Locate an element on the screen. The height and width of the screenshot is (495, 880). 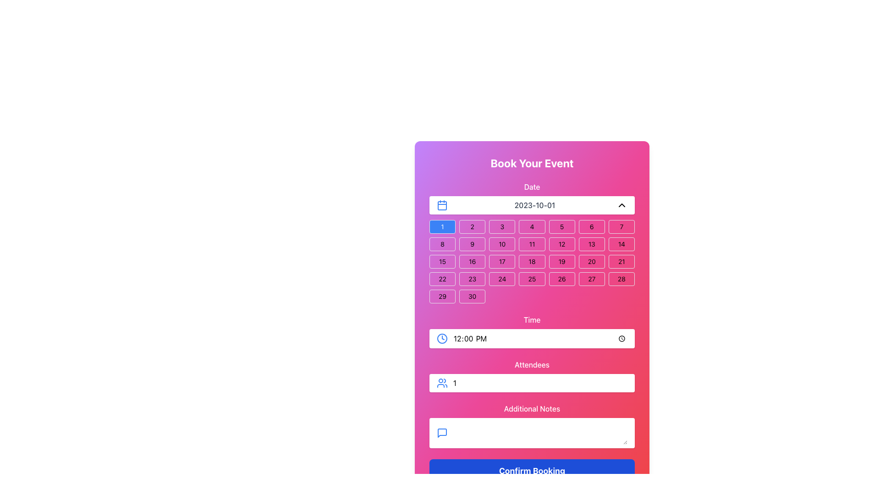
the button representing the selection of the 19th day in the calendar is located at coordinates (561, 261).